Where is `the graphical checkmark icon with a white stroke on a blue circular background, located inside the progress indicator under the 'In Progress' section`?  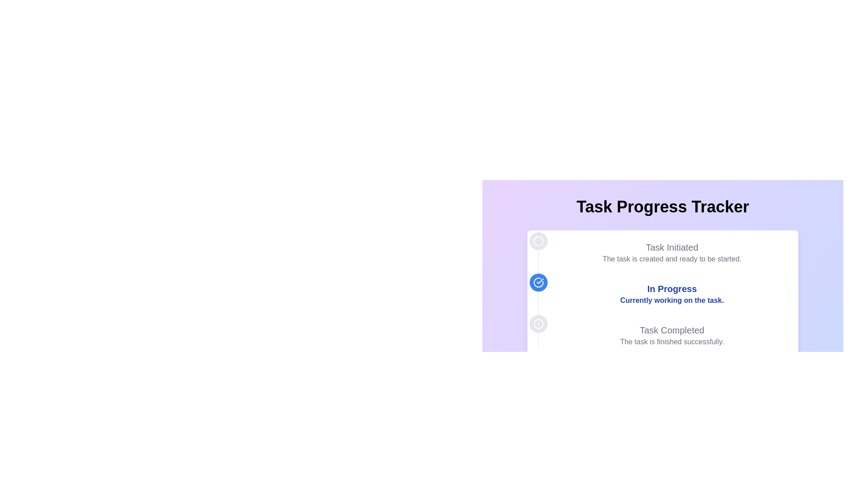 the graphical checkmark icon with a white stroke on a blue circular background, located inside the progress indicator under the 'In Progress' section is located at coordinates (540, 280).